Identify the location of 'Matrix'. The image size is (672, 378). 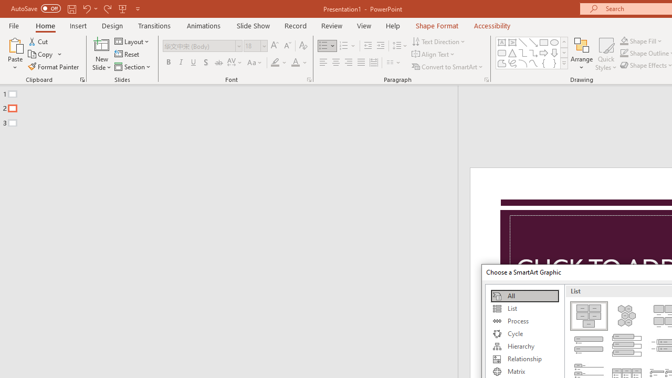
(524, 371).